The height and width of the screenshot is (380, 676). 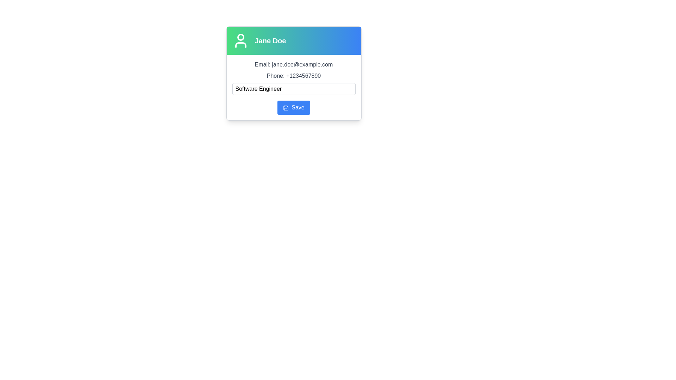 What do you see at coordinates (294, 76) in the screenshot?
I see `displayed phone number from the static text element located below the 'Email' information and above the job title input field` at bounding box center [294, 76].